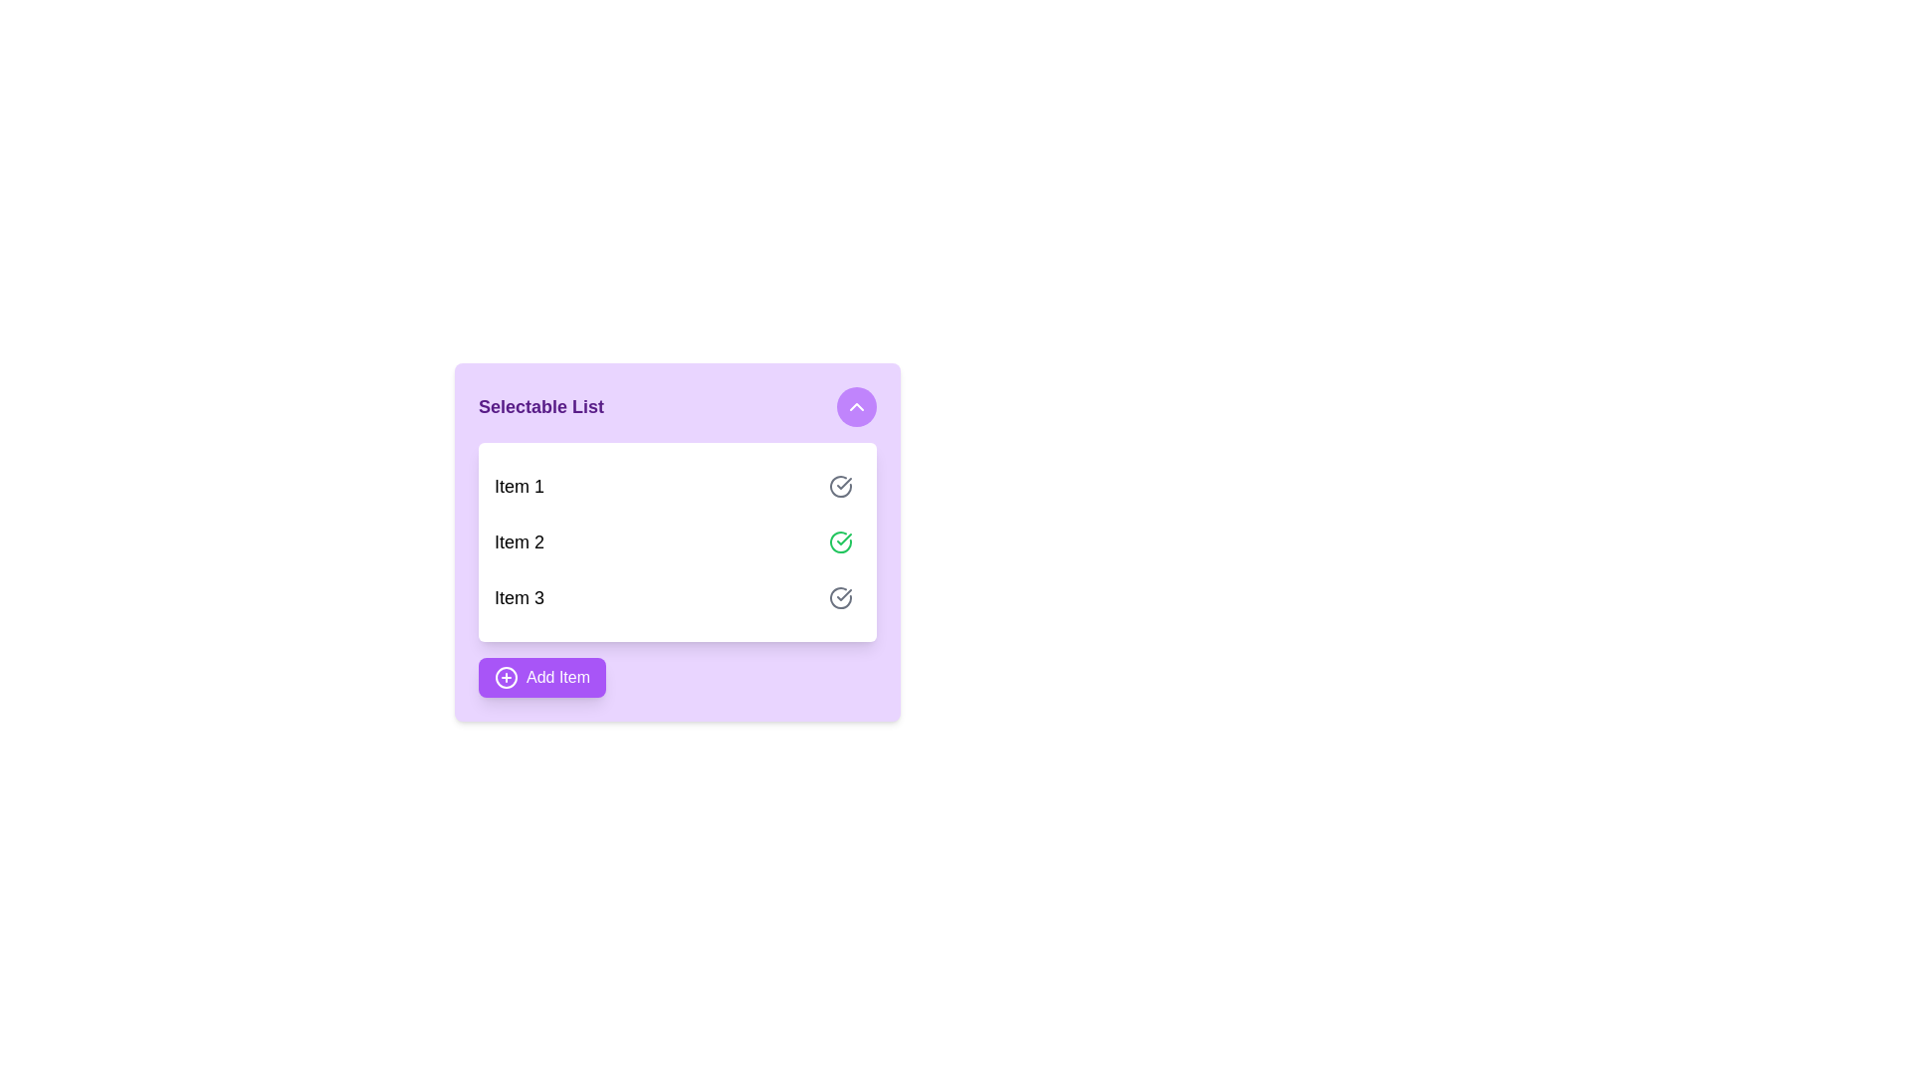 The height and width of the screenshot is (1075, 1911). Describe the element at coordinates (678, 597) in the screenshot. I see `the third list item labeled 'Item 3'` at that location.